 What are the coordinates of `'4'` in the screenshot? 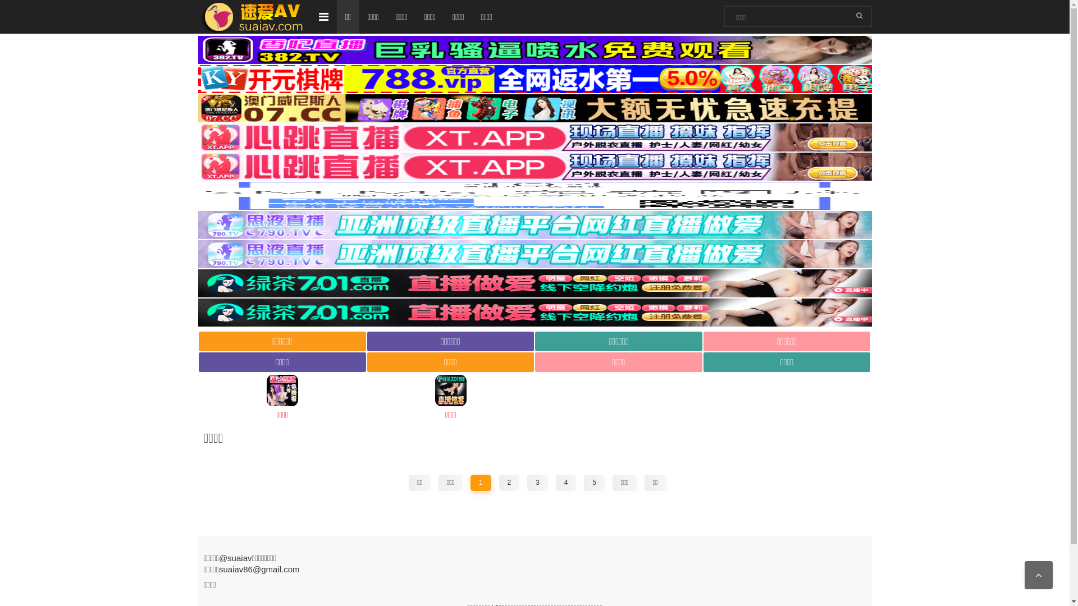 It's located at (555, 482).